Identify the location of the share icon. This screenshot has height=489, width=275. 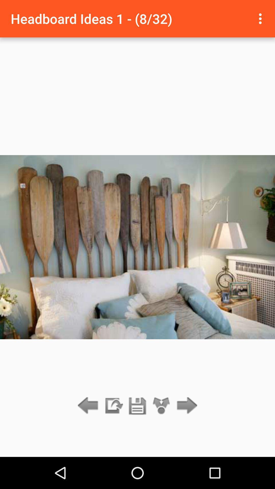
(161, 406).